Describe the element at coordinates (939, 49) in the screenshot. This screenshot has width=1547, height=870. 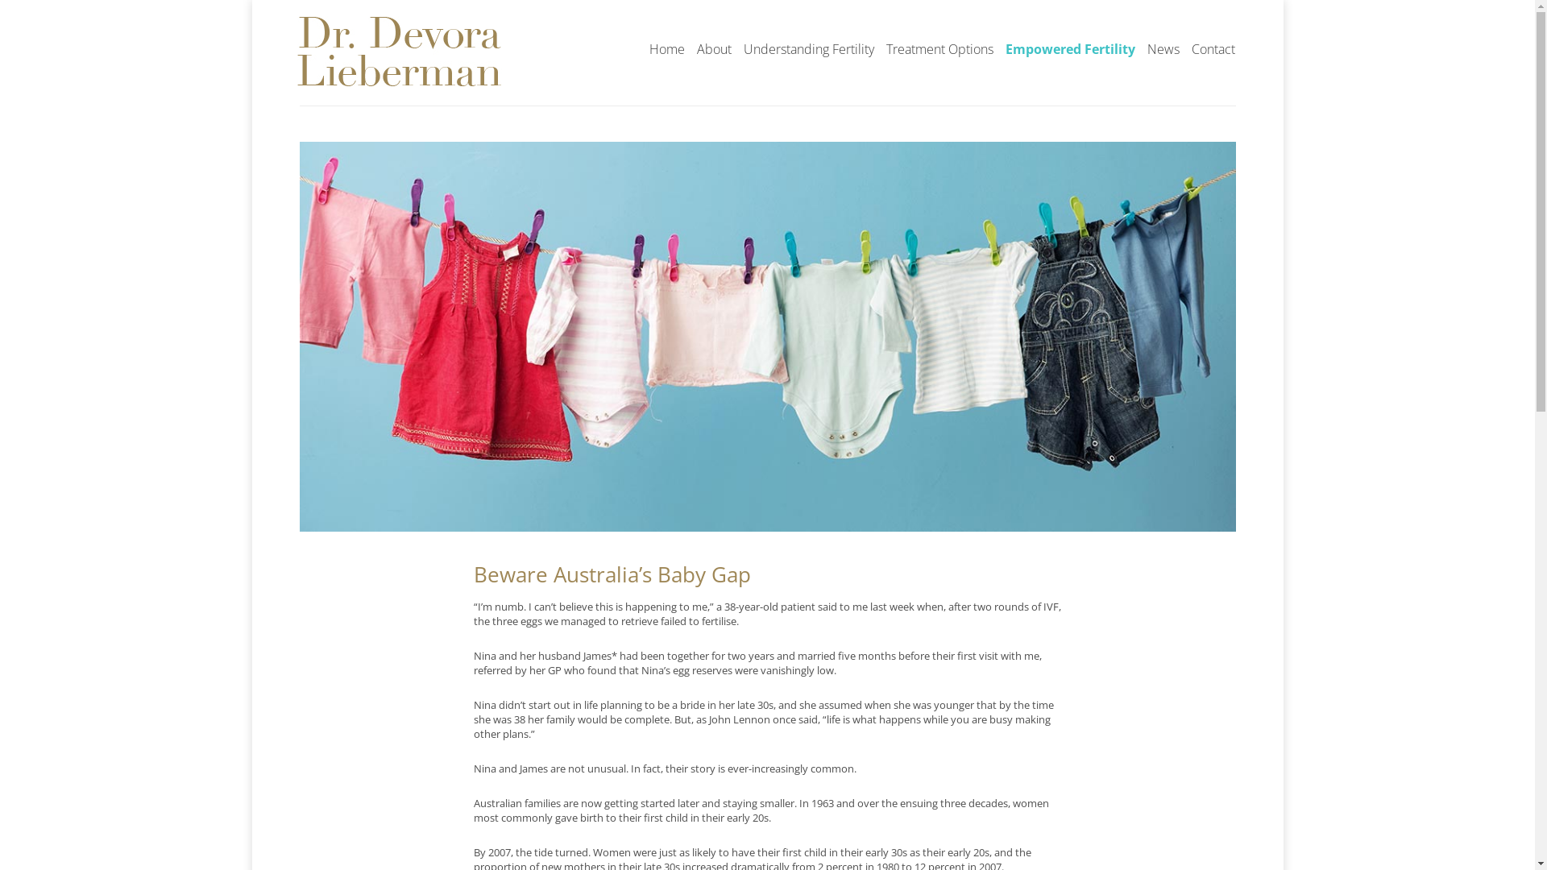
I see `'Treatment Options'` at that location.